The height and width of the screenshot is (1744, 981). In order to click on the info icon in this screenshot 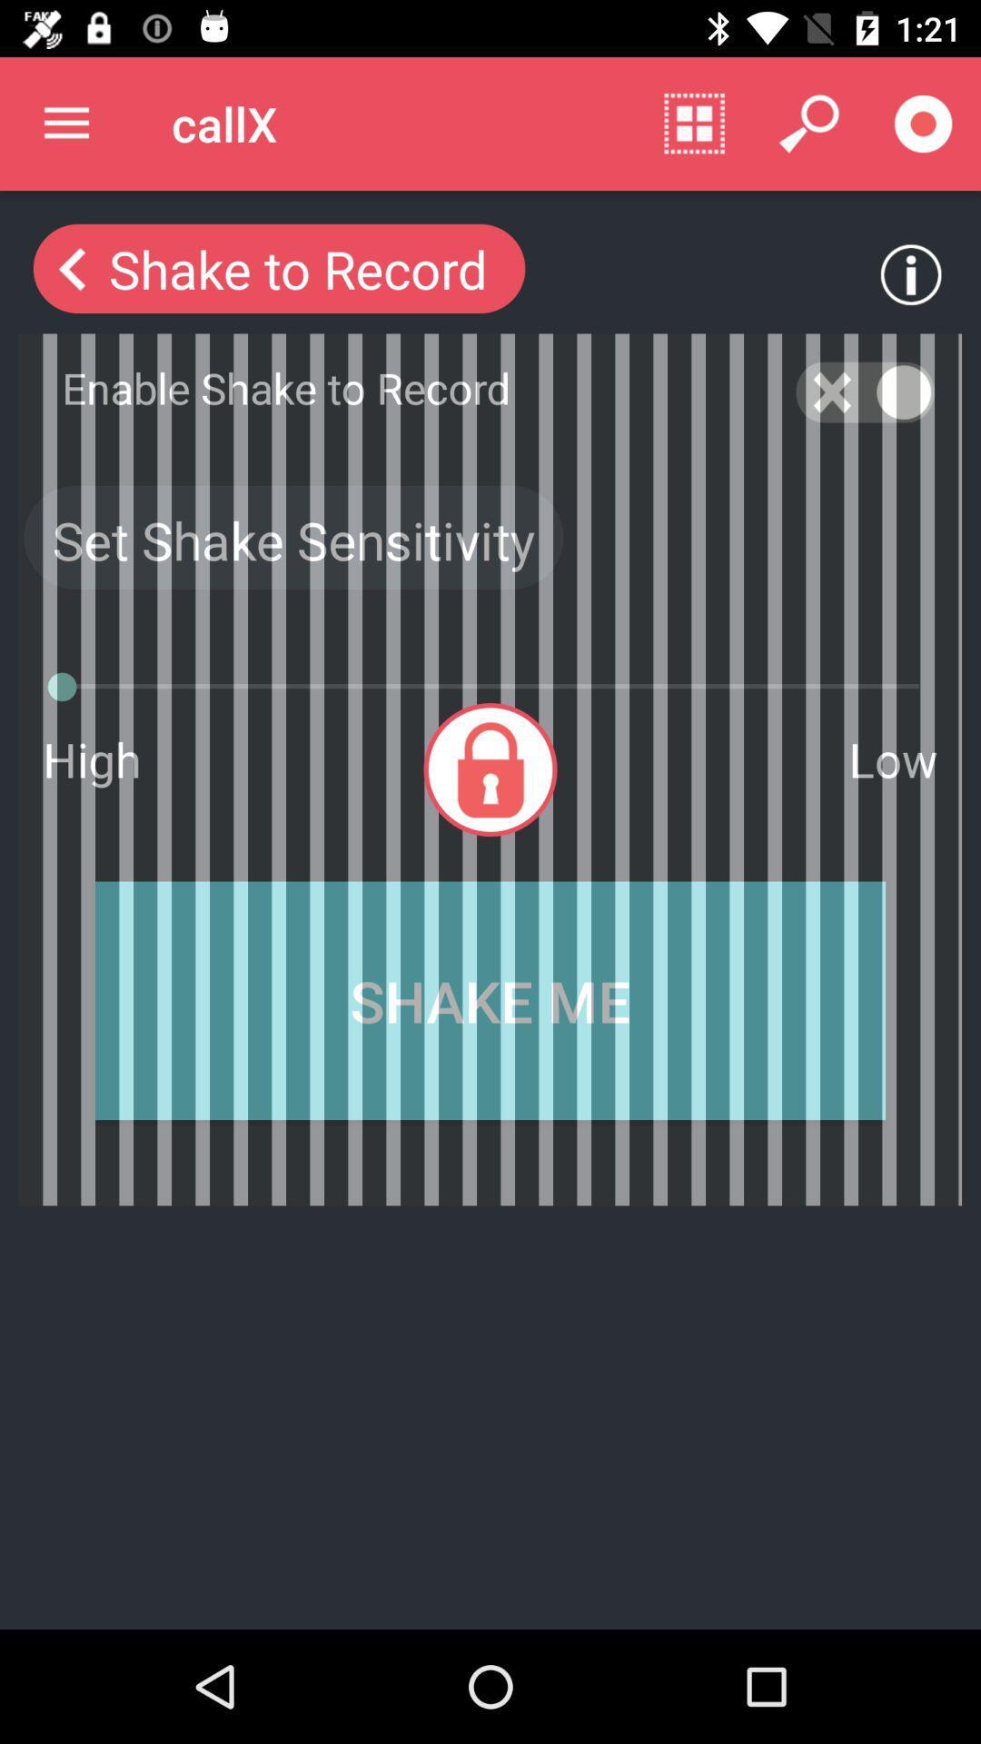, I will do `click(896, 273)`.